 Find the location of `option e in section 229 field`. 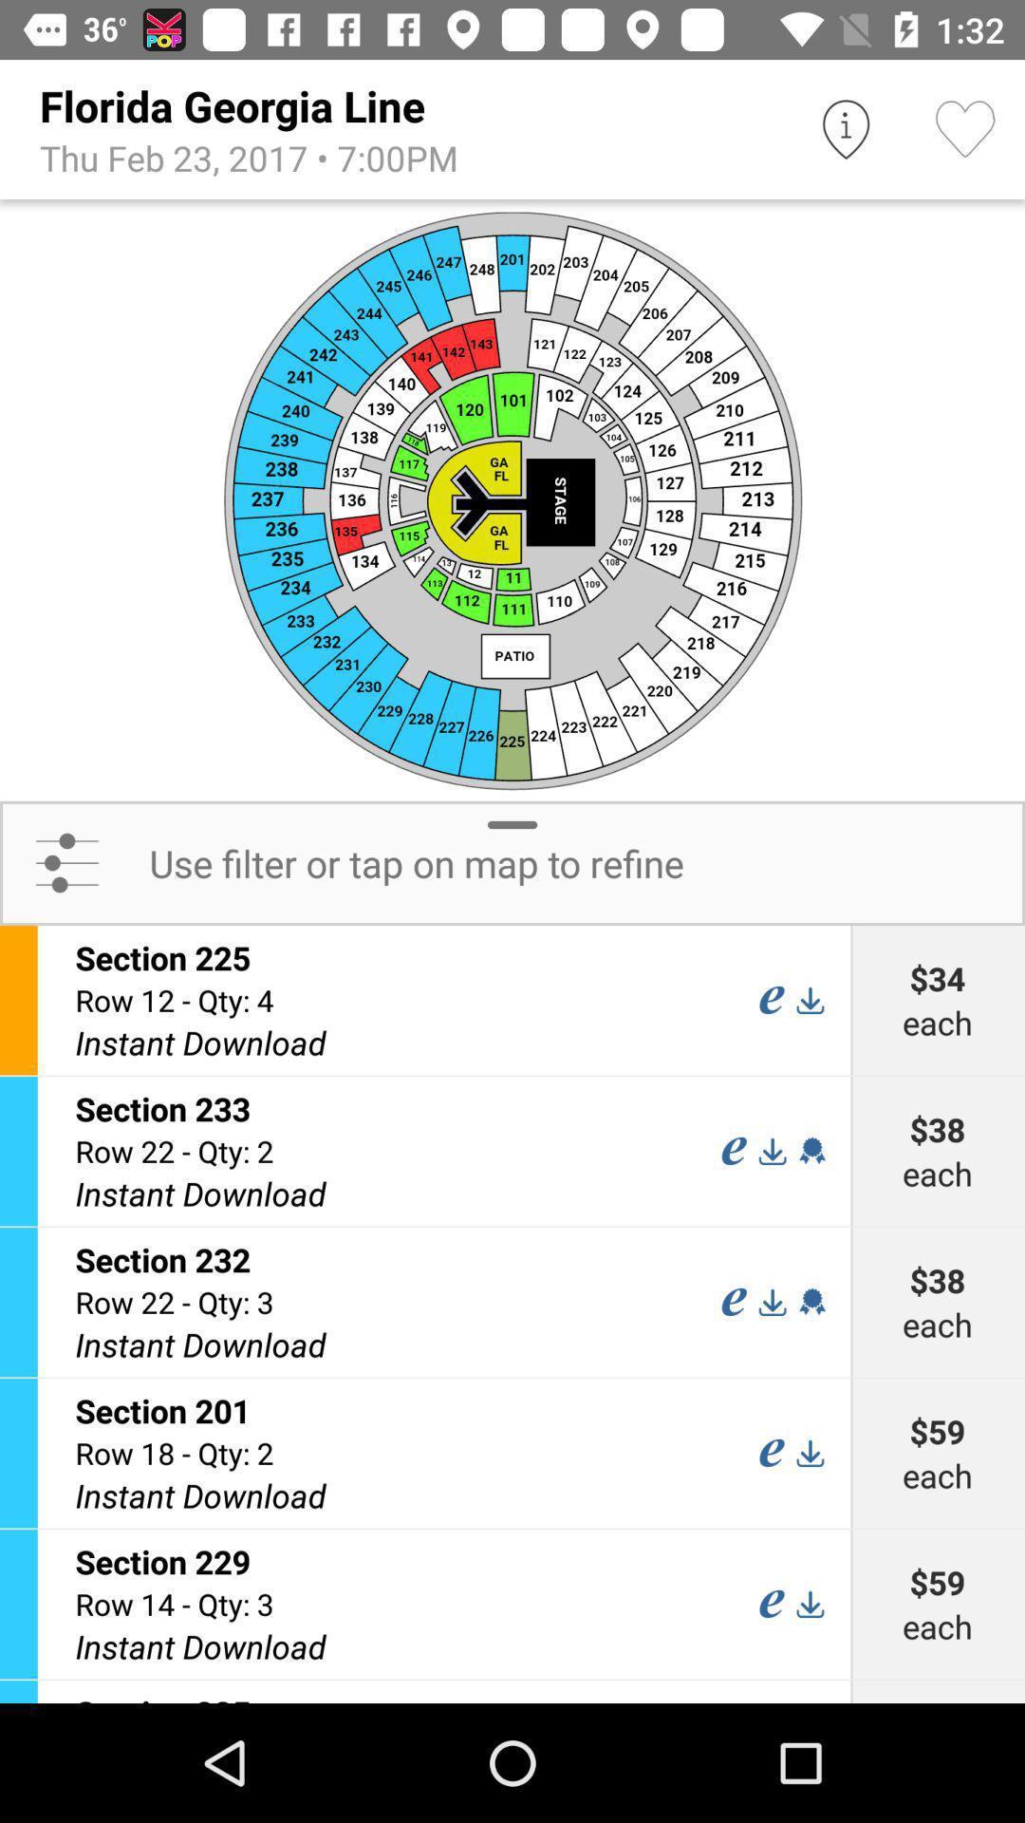

option e in section 229 field is located at coordinates (772, 1603).